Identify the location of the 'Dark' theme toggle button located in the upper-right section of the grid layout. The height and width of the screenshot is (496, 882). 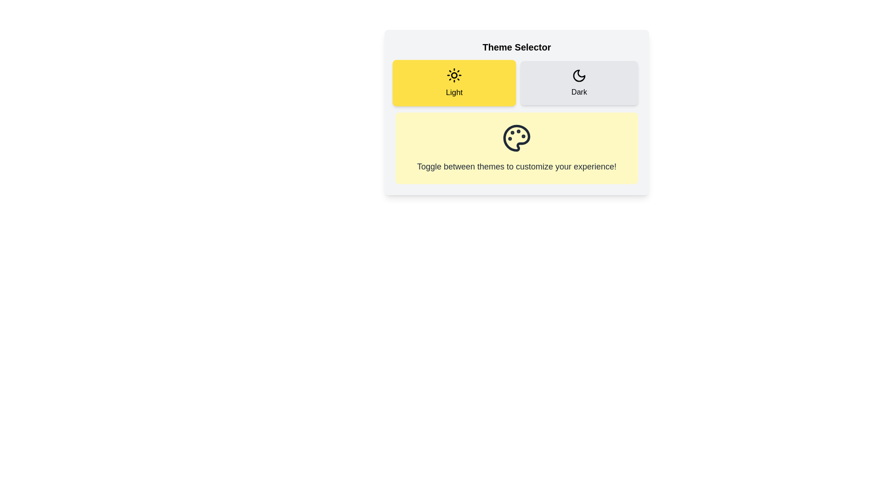
(579, 83).